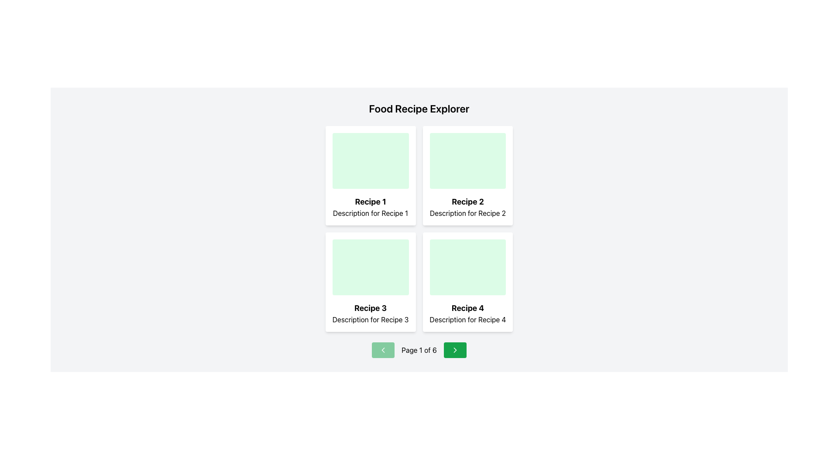 Image resolution: width=838 pixels, height=471 pixels. Describe the element at coordinates (454, 349) in the screenshot. I see `the next page navigation icon located within the green button at the bottom right of the page number indicator 'Page 1 of 6'` at that location.